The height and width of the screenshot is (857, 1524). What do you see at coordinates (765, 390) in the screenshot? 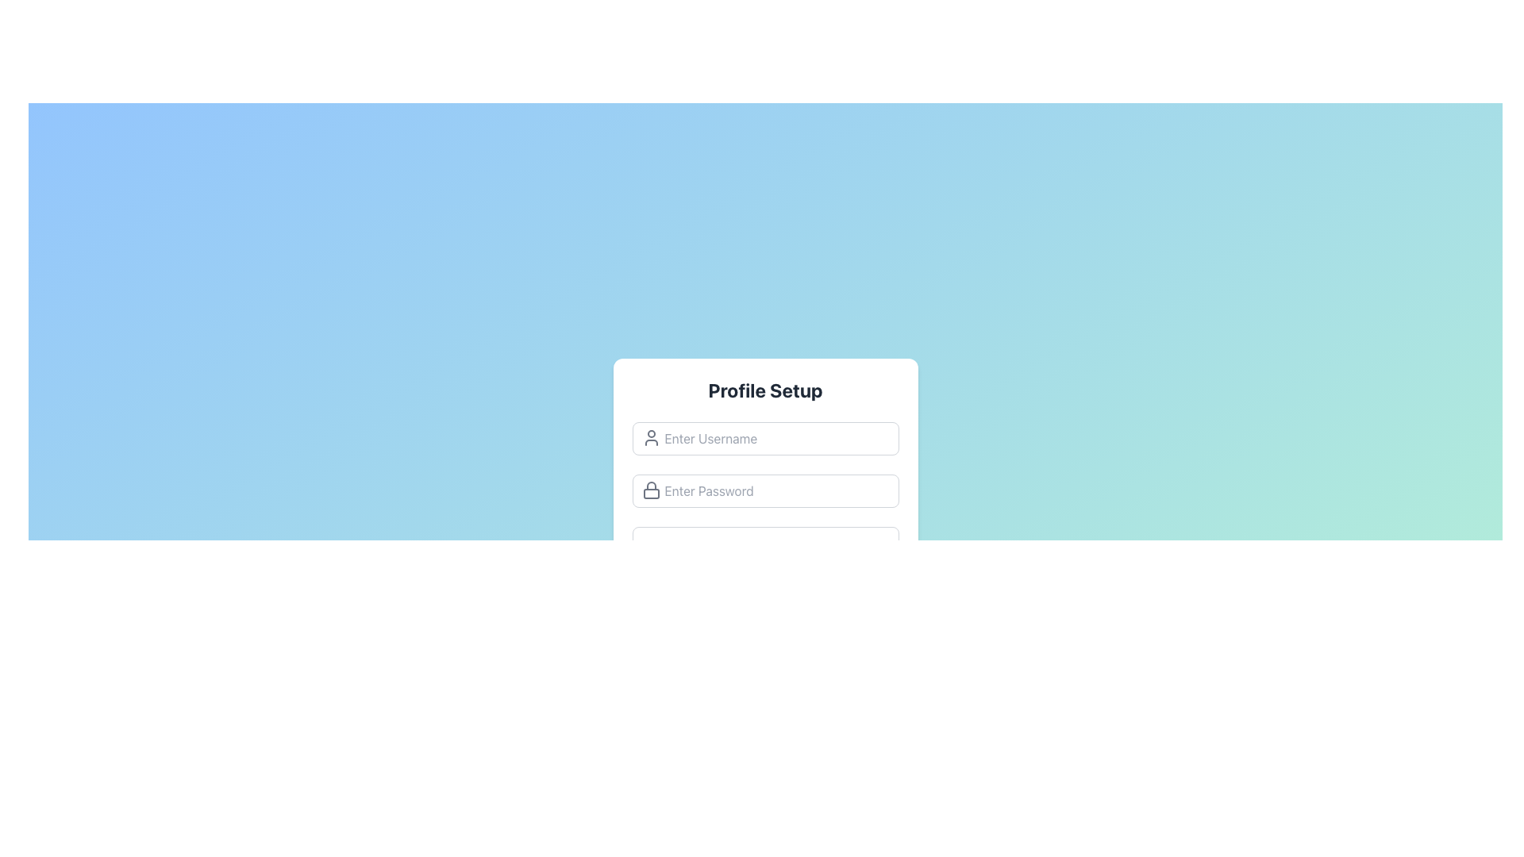
I see `the header text element that provides context for the profile setup section, located above the form input fields` at bounding box center [765, 390].